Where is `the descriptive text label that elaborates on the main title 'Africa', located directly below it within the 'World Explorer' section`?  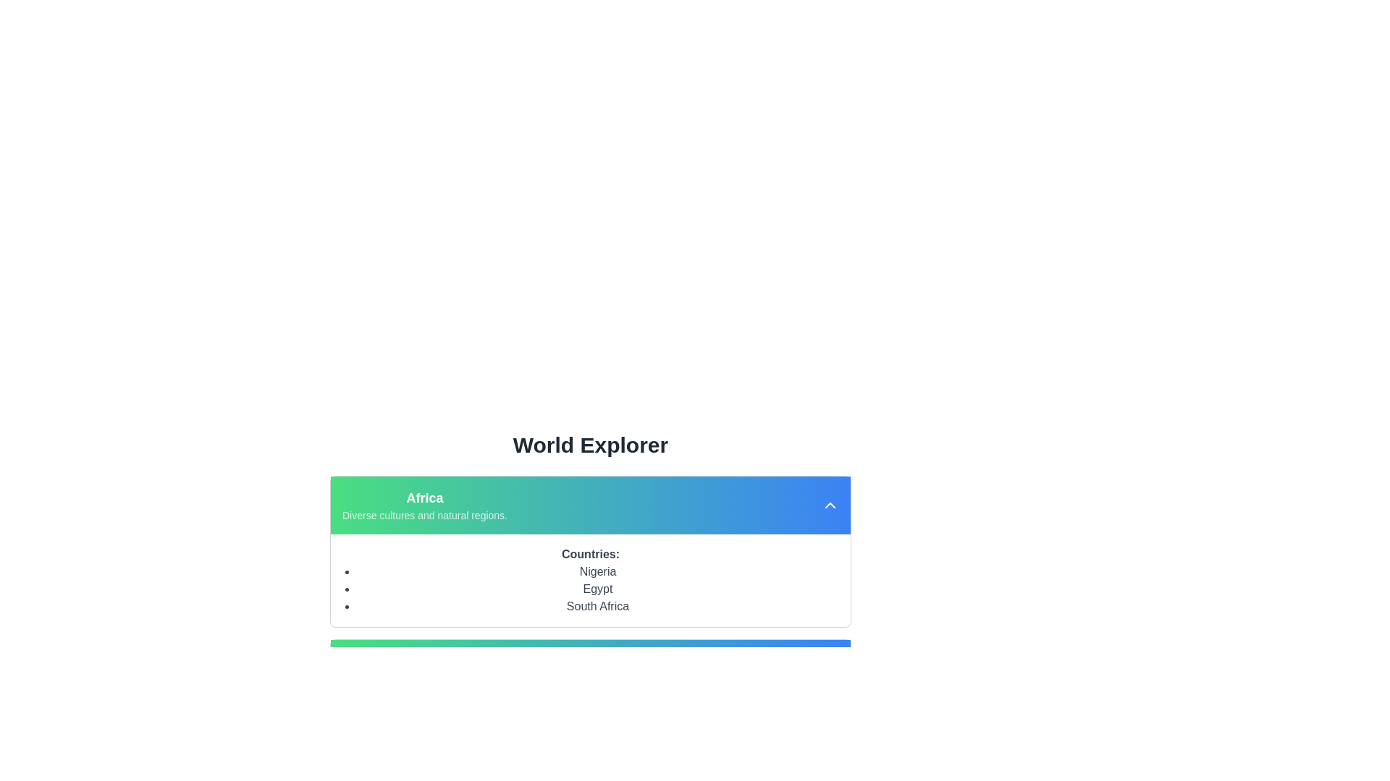
the descriptive text label that elaborates on the main title 'Africa', located directly below it within the 'World Explorer' section is located at coordinates (424, 515).